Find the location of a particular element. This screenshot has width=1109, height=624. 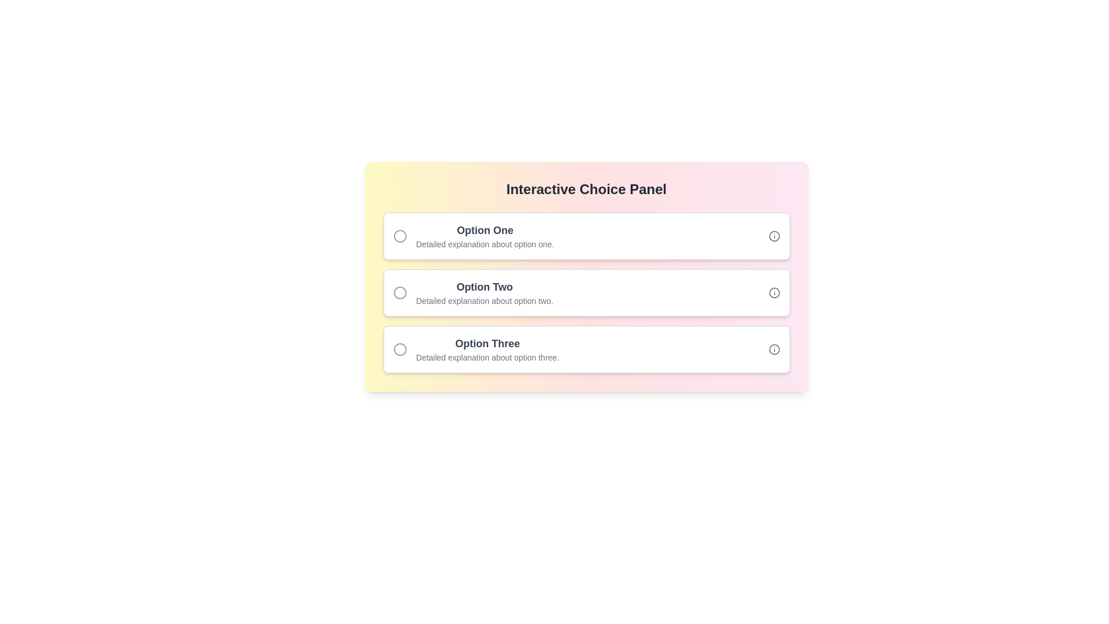

the option card labeled 'Option Two' with a detailed explanation 'Detailed explanation about option two.' which is the second entry in the vertical stack of three option cards within the 'Interactive Choice Panel' is located at coordinates (586, 292).